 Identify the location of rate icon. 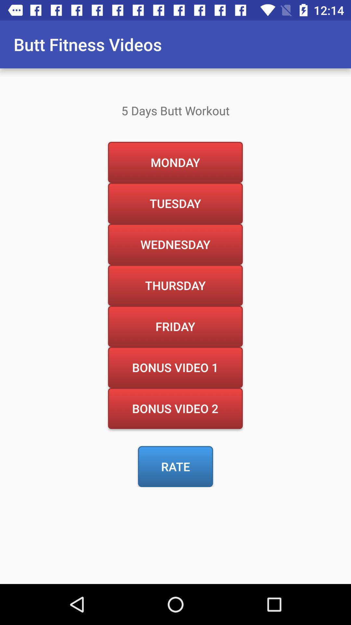
(175, 466).